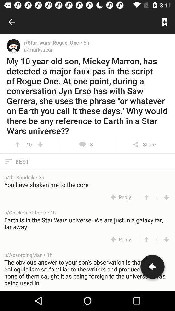  What do you see at coordinates (165, 22) in the screenshot?
I see `the item above my 10 year` at bounding box center [165, 22].